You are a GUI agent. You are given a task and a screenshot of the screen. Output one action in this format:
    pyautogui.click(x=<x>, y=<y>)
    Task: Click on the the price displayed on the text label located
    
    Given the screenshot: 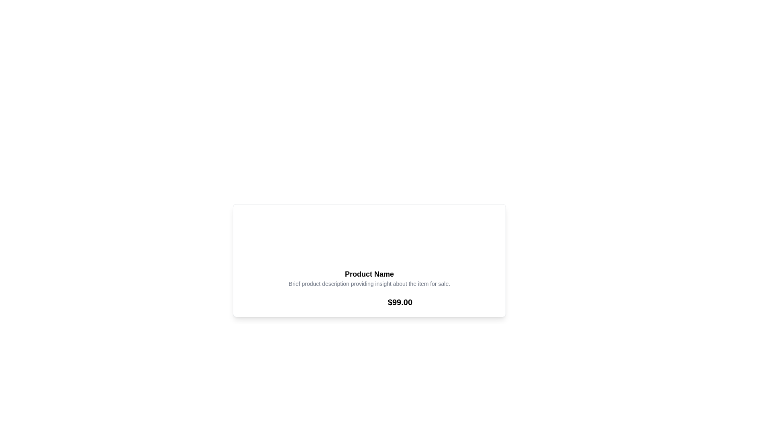 What is the action you would take?
    pyautogui.click(x=400, y=302)
    